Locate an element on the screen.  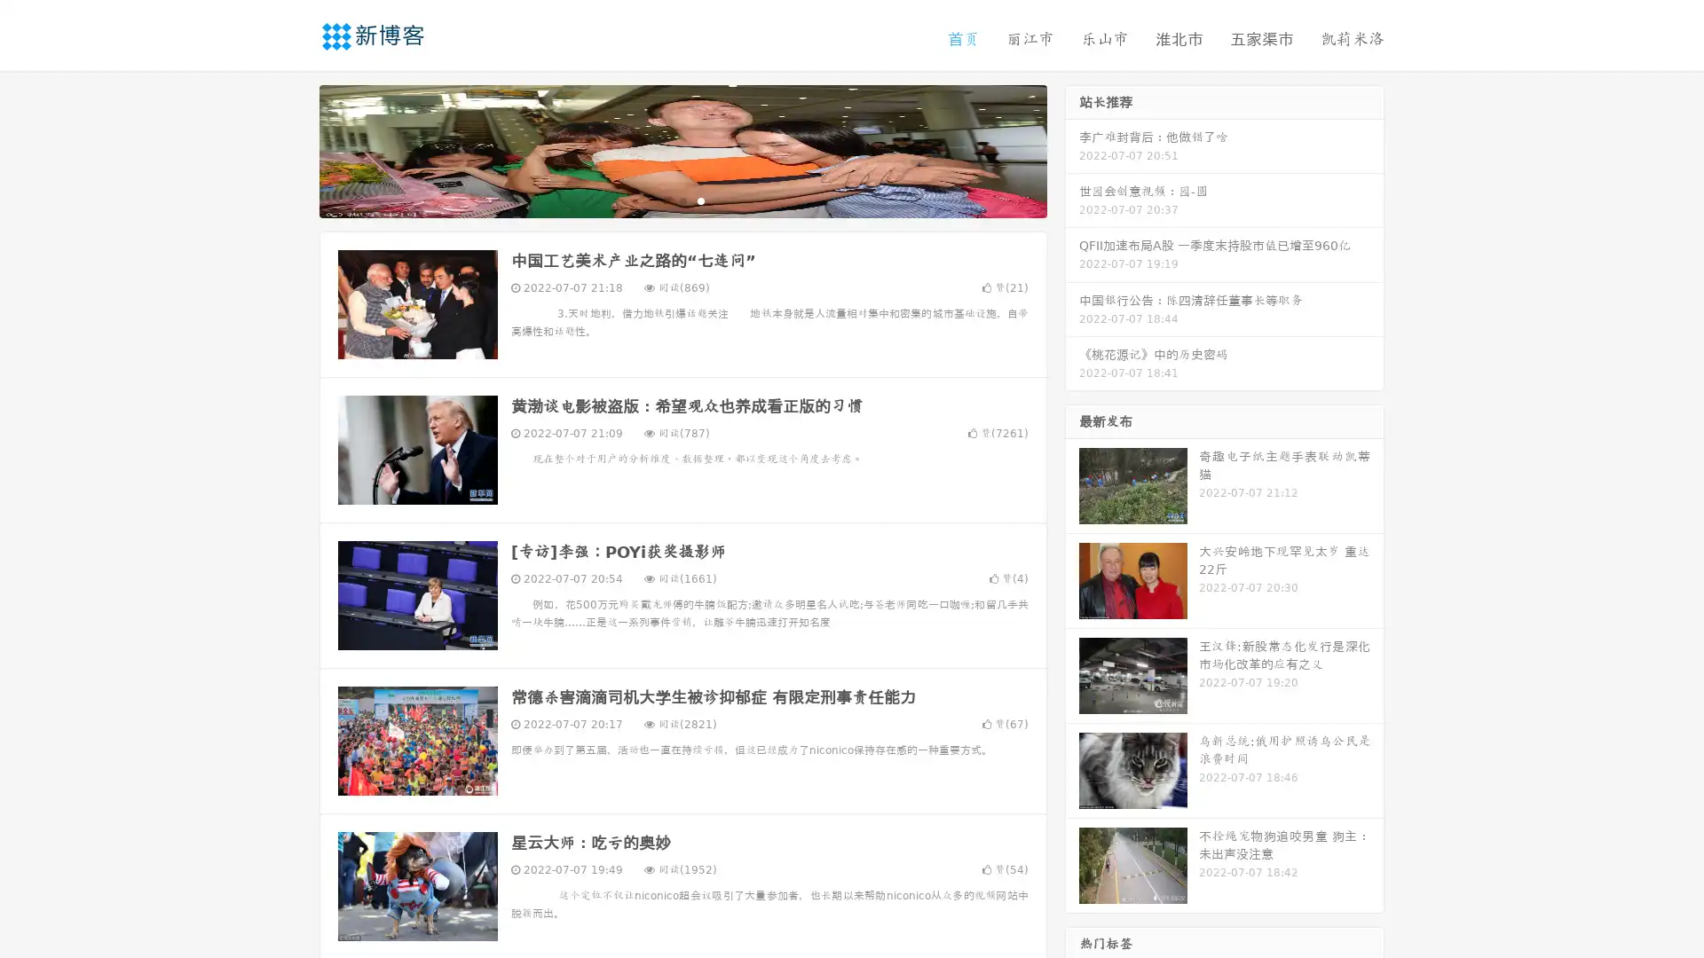
Go to slide 1 is located at coordinates (664, 200).